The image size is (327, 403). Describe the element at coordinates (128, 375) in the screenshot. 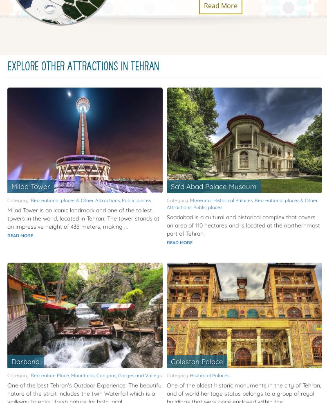

I see `'Canyons, Gorges and Valleys'` at that location.